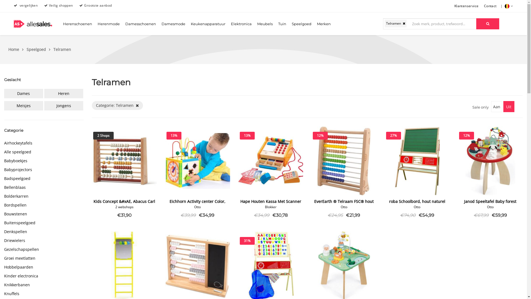 This screenshot has height=299, width=531. I want to click on '2 webshops', so click(124, 207).